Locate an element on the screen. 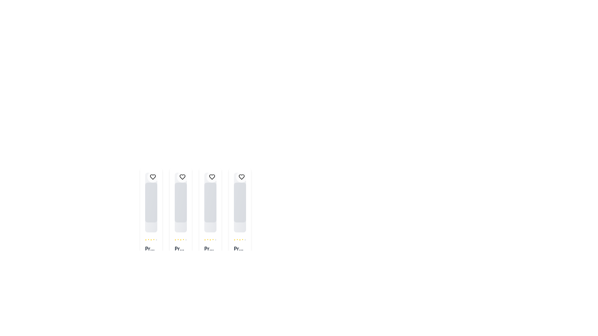  the decorative loading state placeholder element, which is the second in a horizontally arranged list, indicating a loading state or reserved content is located at coordinates (180, 203).